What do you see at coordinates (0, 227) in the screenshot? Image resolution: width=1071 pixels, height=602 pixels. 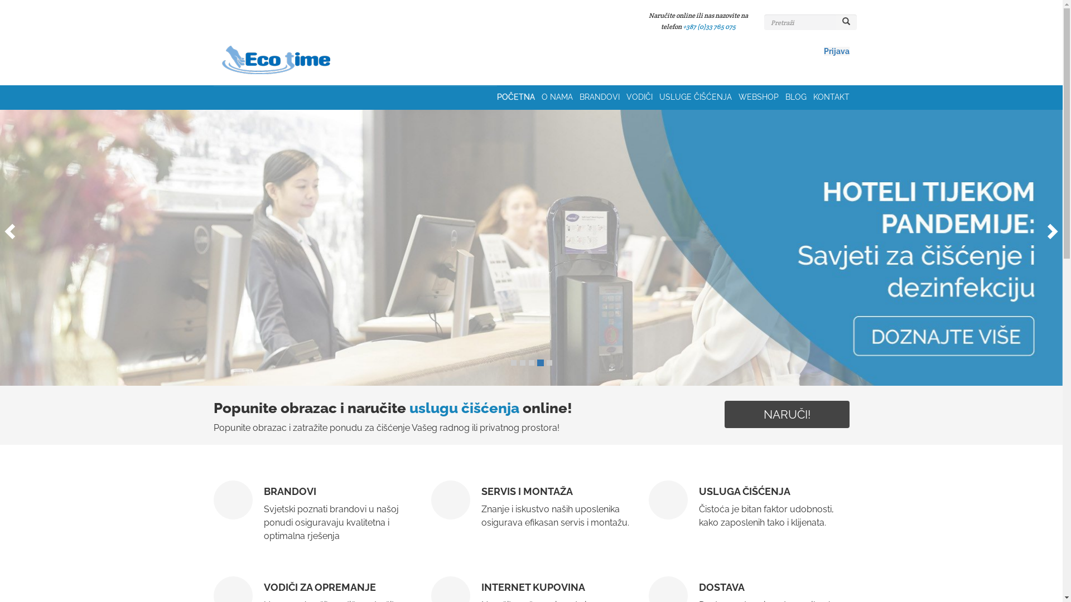 I see `'Previous'` at bounding box center [0, 227].